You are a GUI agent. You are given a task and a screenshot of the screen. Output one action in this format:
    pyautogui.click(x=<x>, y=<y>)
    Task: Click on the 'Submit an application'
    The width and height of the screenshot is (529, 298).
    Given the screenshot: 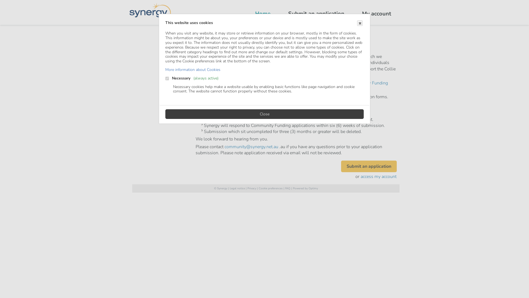 What is the action you would take?
    pyautogui.click(x=316, y=14)
    